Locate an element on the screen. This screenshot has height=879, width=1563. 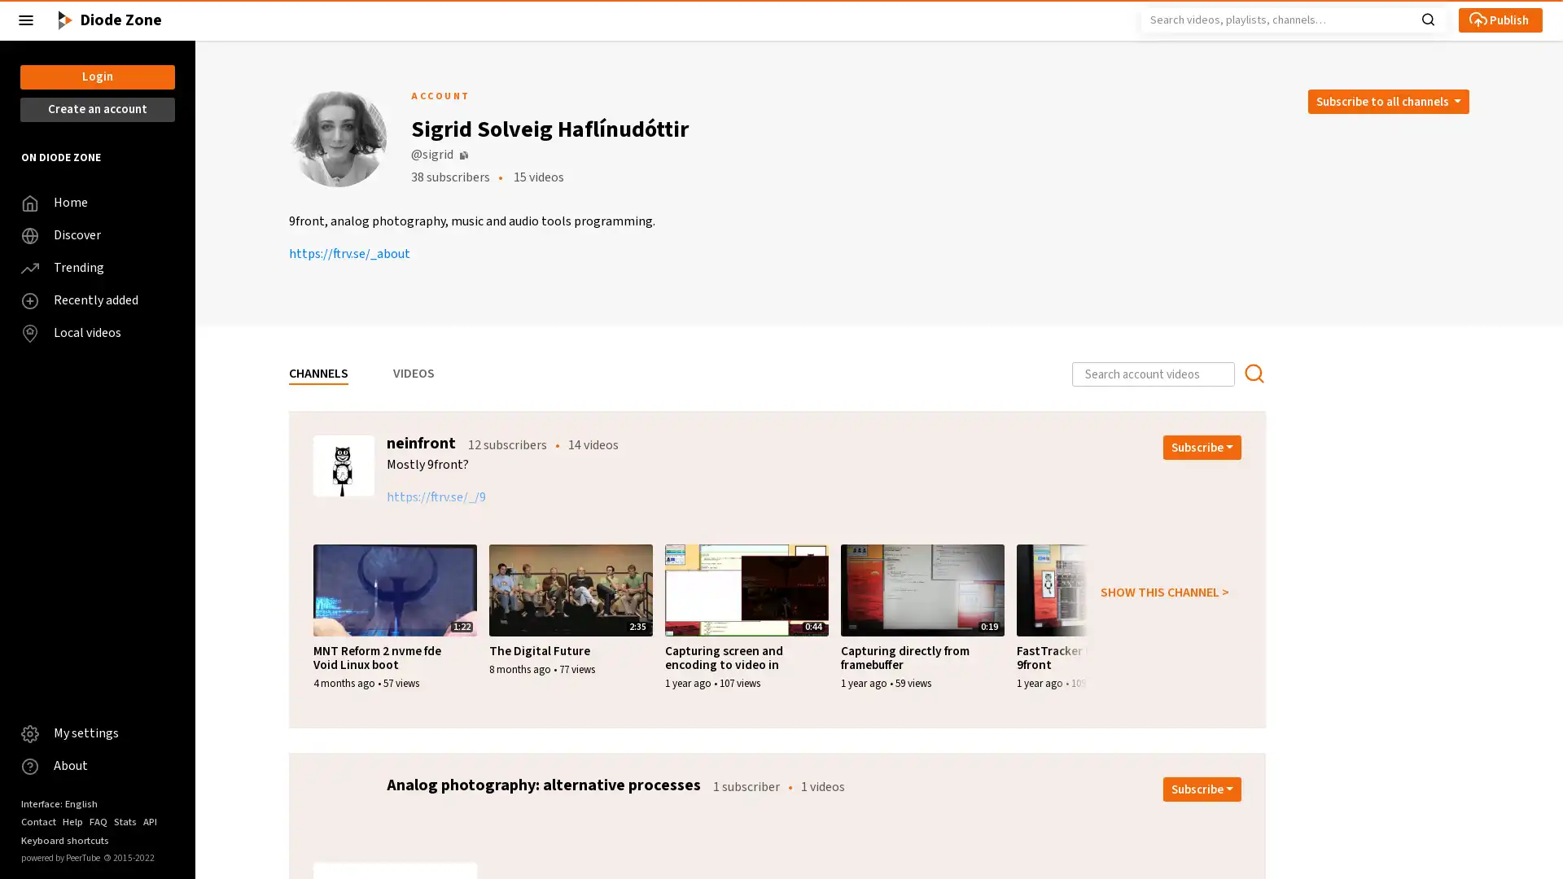
Search is located at coordinates (1253, 374).